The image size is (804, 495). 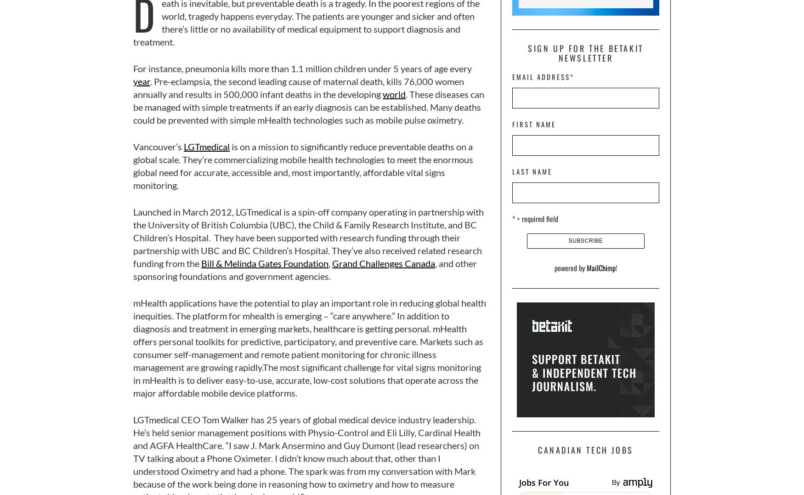 I want to click on 'Canadian Tech Jobs', so click(x=585, y=449).